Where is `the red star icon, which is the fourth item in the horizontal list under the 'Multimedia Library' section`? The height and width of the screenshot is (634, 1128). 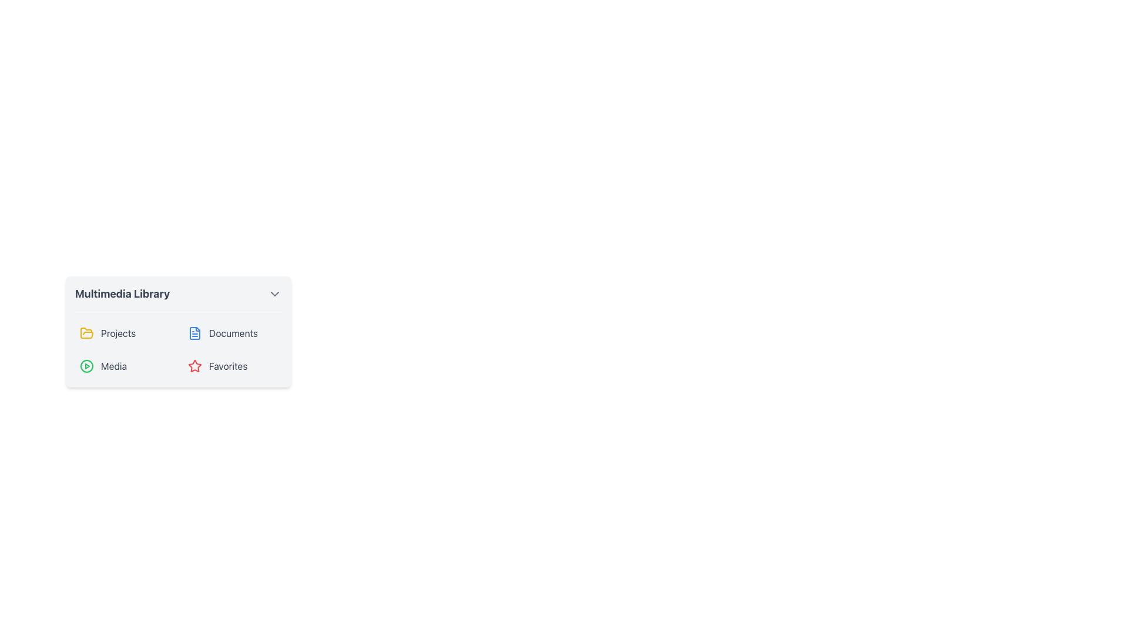 the red star icon, which is the fourth item in the horizontal list under the 'Multimedia Library' section is located at coordinates (194, 365).